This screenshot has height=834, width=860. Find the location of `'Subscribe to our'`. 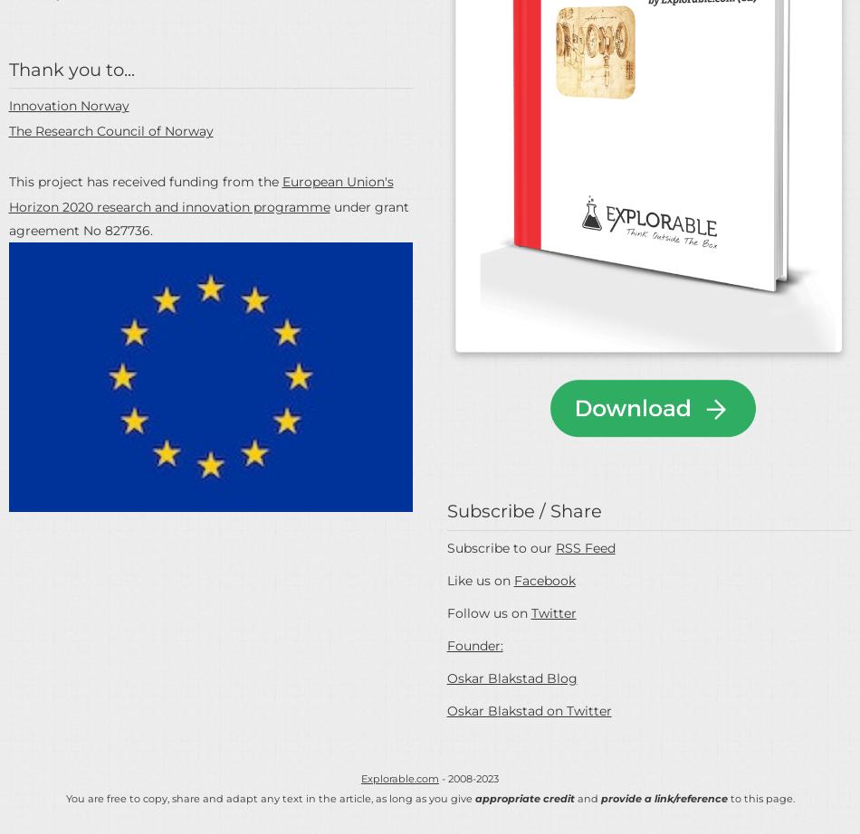

'Subscribe to our' is located at coordinates (500, 547).